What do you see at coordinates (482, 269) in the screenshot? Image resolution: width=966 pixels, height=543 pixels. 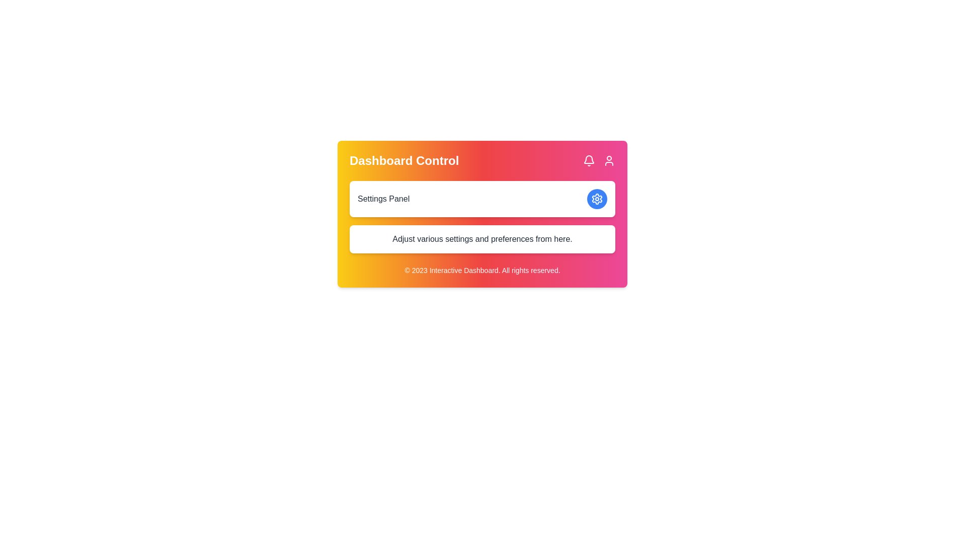 I see `the copyright notice text at the bottom of the Interactive Dashboard card for 2023, which is centered horizontally in its colorful gradient background` at bounding box center [482, 269].